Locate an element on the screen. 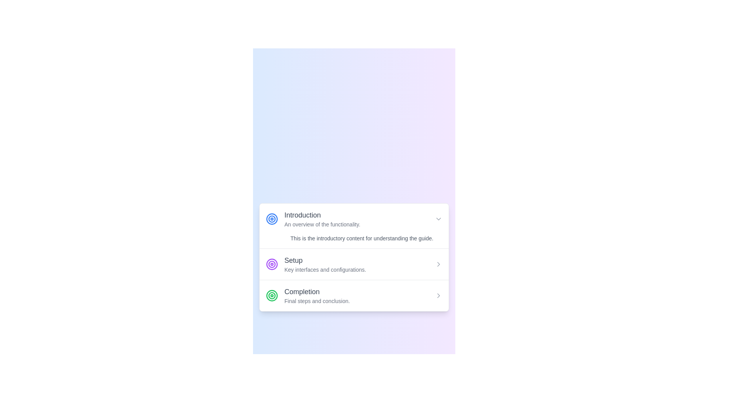  the green circular icon representing a target symbol with concentric circles, located in the 'Completion' section next to the text 'Final steps and conclusion.' is located at coordinates (272, 295).